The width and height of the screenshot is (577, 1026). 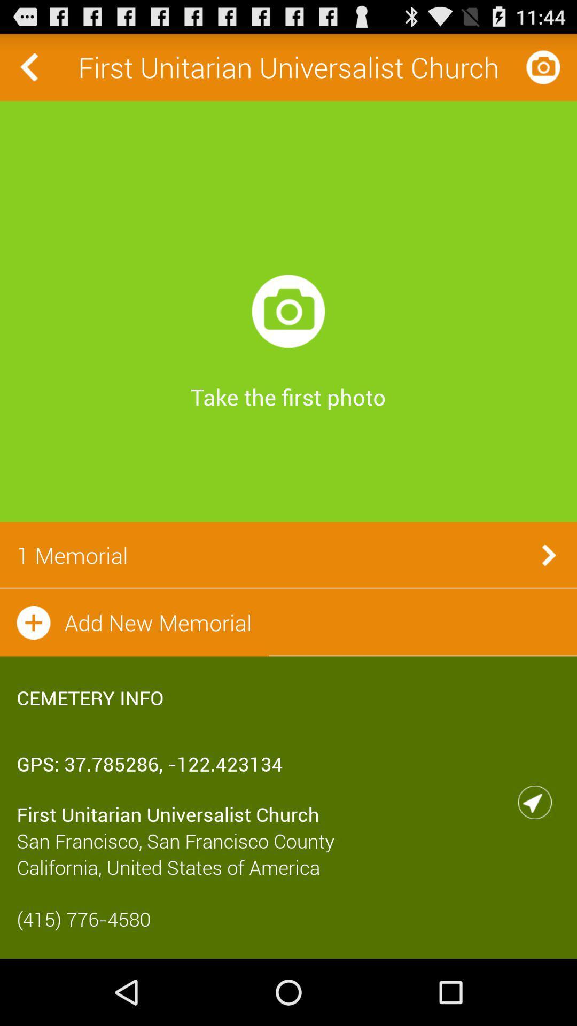 What do you see at coordinates (288, 310) in the screenshot?
I see `icon below the first unitarian universalist icon` at bounding box center [288, 310].